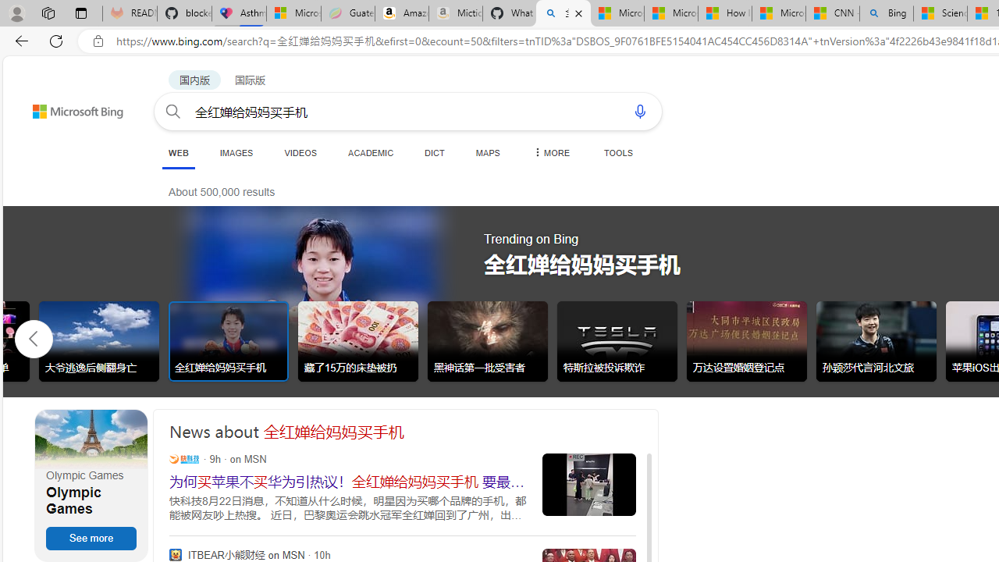 The width and height of the screenshot is (999, 562). I want to click on 'How I Got Rid of Microsoft Edge', so click(723, 13).